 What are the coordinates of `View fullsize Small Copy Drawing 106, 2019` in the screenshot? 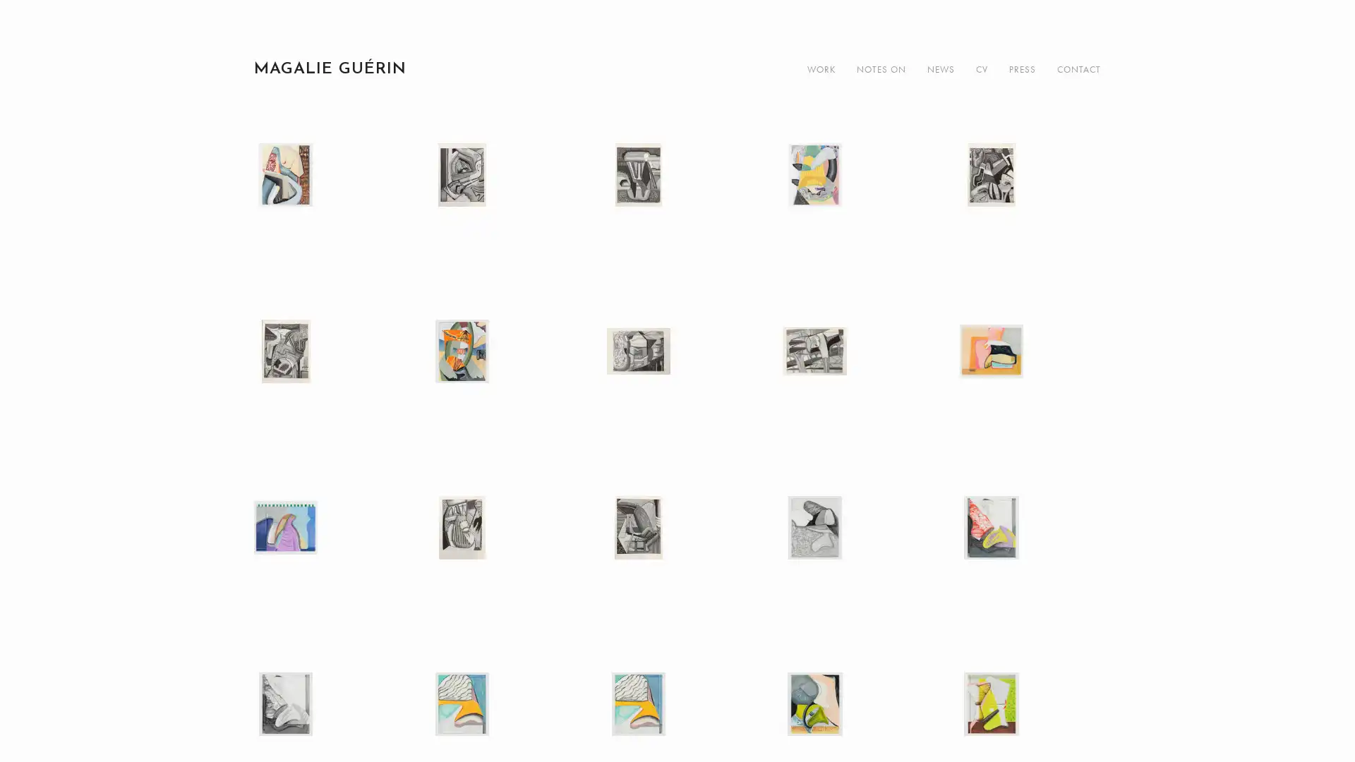 It's located at (501, 565).